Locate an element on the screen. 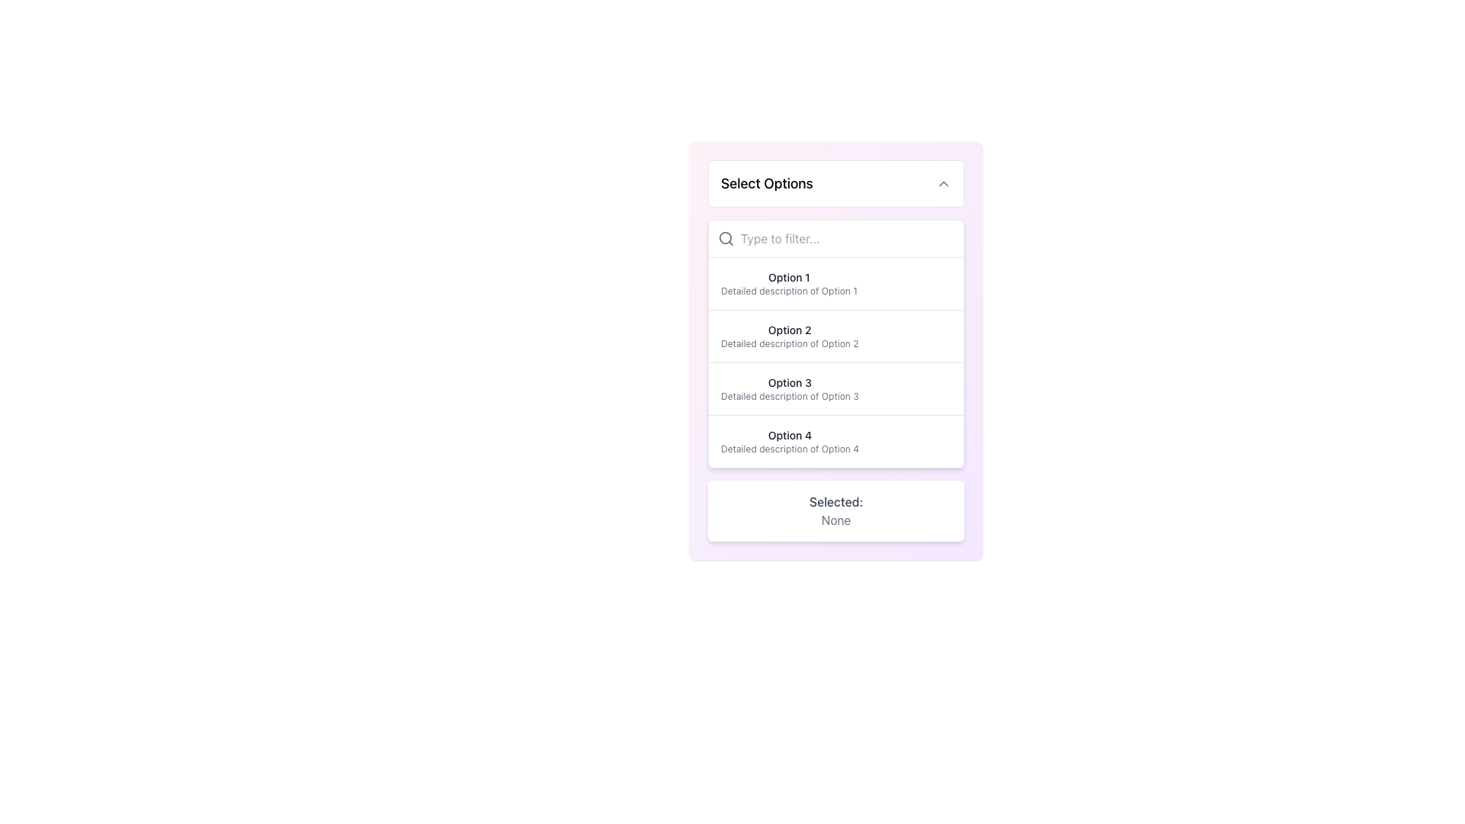 The width and height of the screenshot is (1465, 824). the second selectable option in the dropdown menu is located at coordinates (790, 335).